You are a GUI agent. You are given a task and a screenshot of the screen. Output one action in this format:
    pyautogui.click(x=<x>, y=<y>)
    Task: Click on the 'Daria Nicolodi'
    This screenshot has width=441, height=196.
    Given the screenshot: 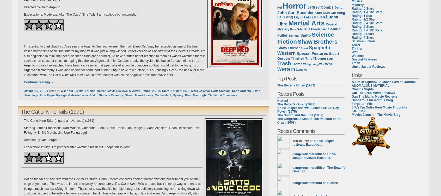 What is the action you would take?
    pyautogui.click(x=211, y=91)
    